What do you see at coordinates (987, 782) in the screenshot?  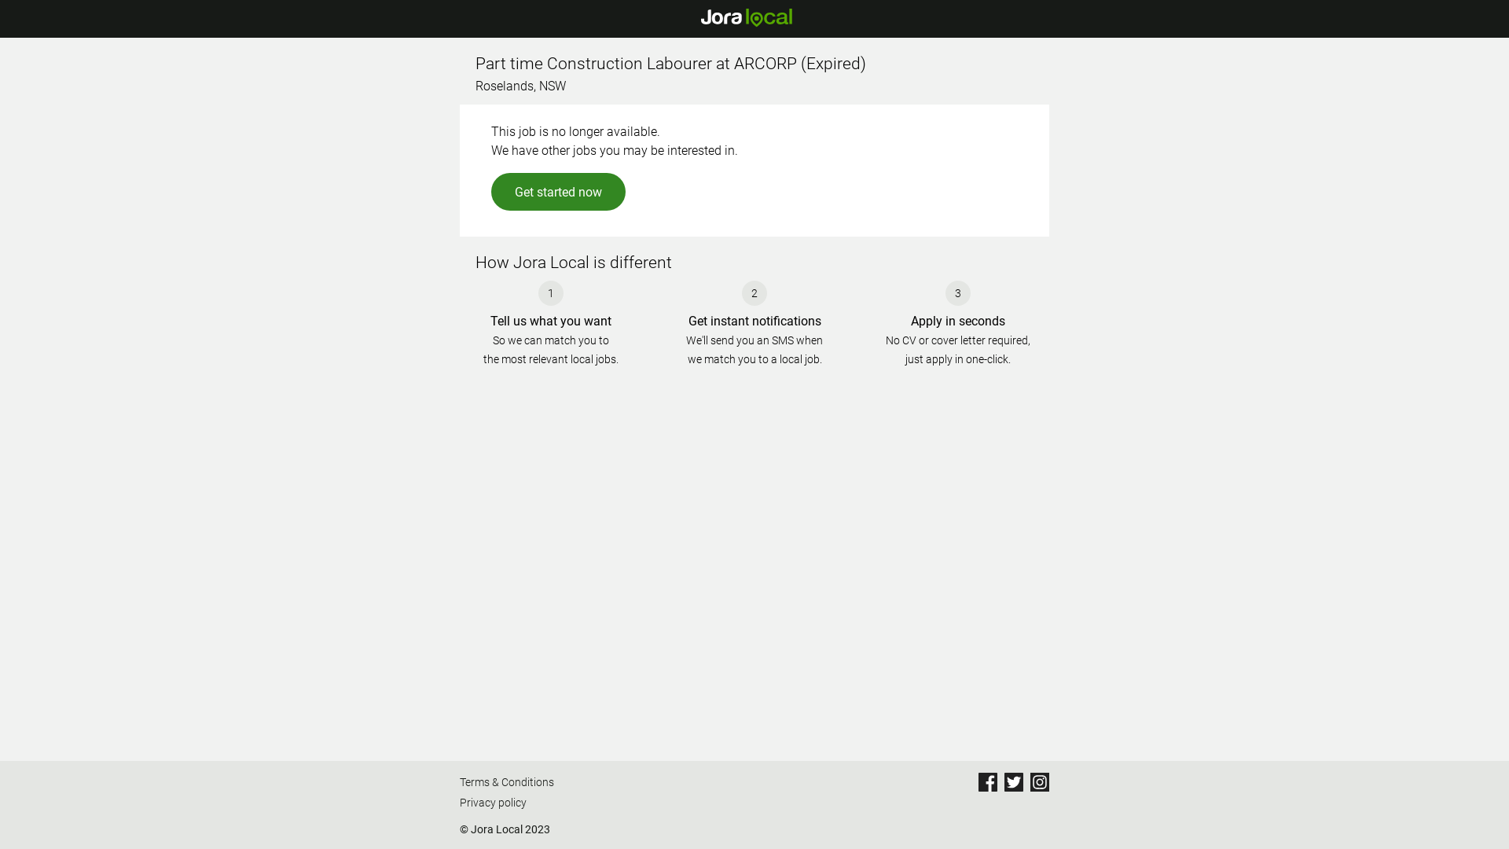 I see `'Facebook'` at bounding box center [987, 782].